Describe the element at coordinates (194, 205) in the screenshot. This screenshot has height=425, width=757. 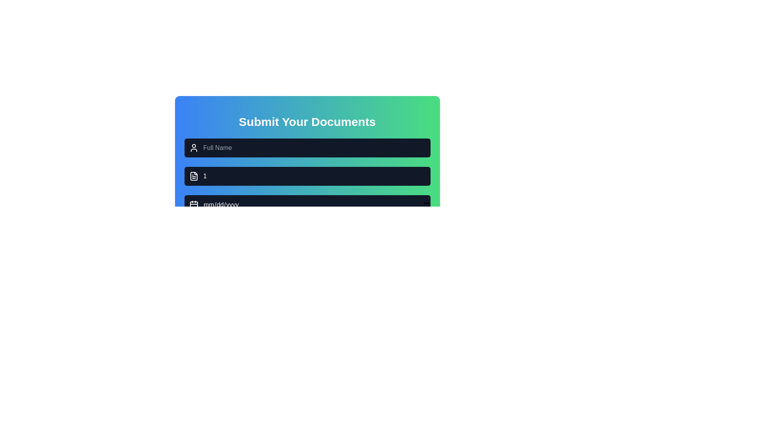
I see `the calendar background icon to potentially display a tooltip` at that location.